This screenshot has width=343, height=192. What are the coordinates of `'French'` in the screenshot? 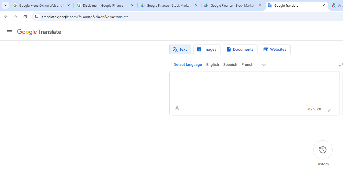 It's located at (247, 65).